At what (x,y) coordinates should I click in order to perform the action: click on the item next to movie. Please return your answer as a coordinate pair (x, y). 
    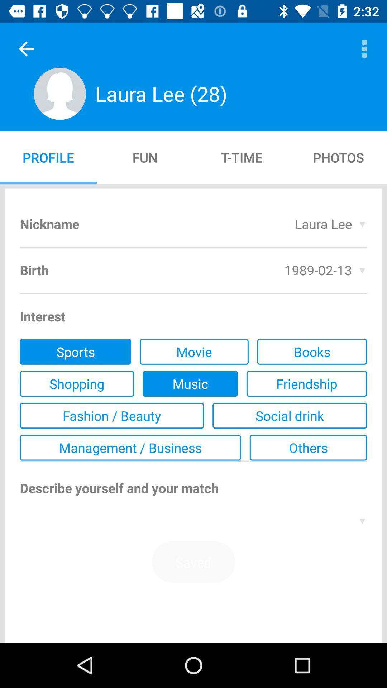
    Looking at the image, I should click on (75, 352).